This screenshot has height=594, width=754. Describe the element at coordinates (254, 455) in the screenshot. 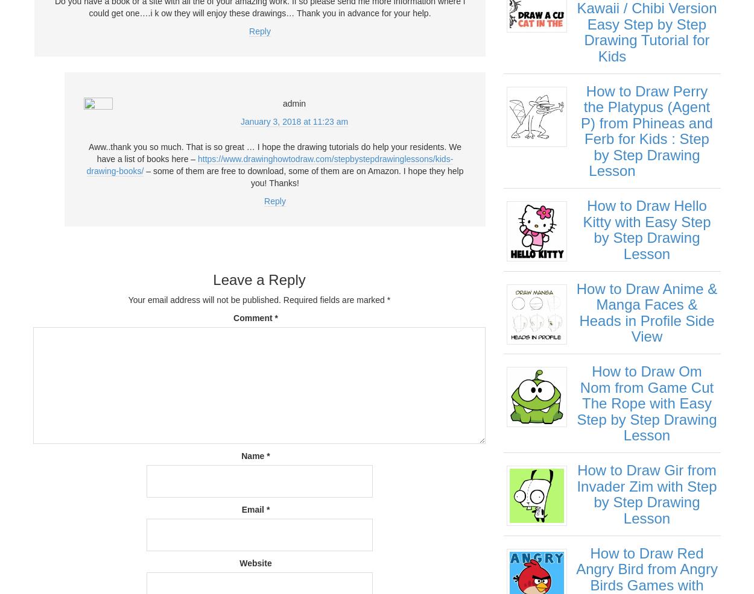

I see `'Name'` at that location.